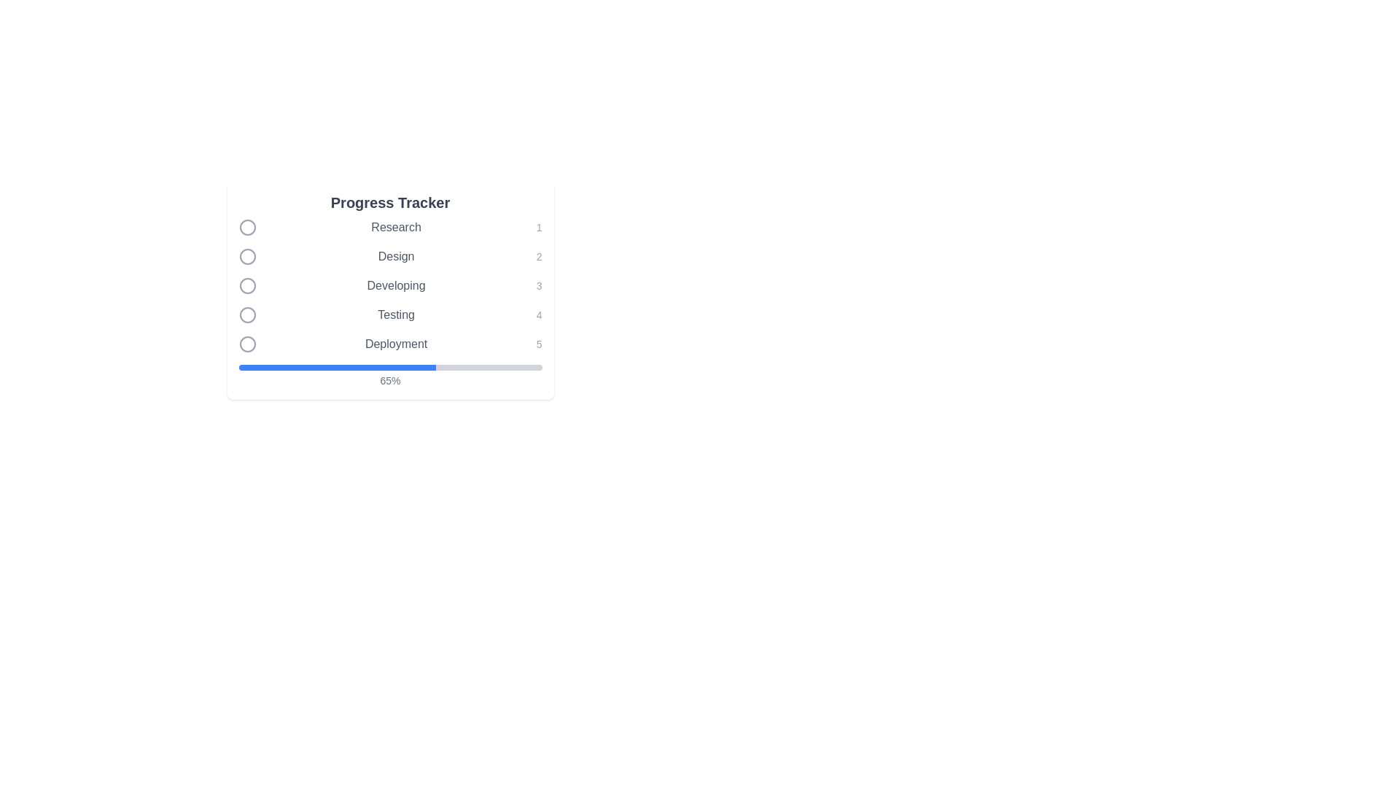  I want to click on the second row of the vertical progress tracker, which features a circular icon, the text 'Design' in the center, and the number '2' on the right, so click(390, 255).